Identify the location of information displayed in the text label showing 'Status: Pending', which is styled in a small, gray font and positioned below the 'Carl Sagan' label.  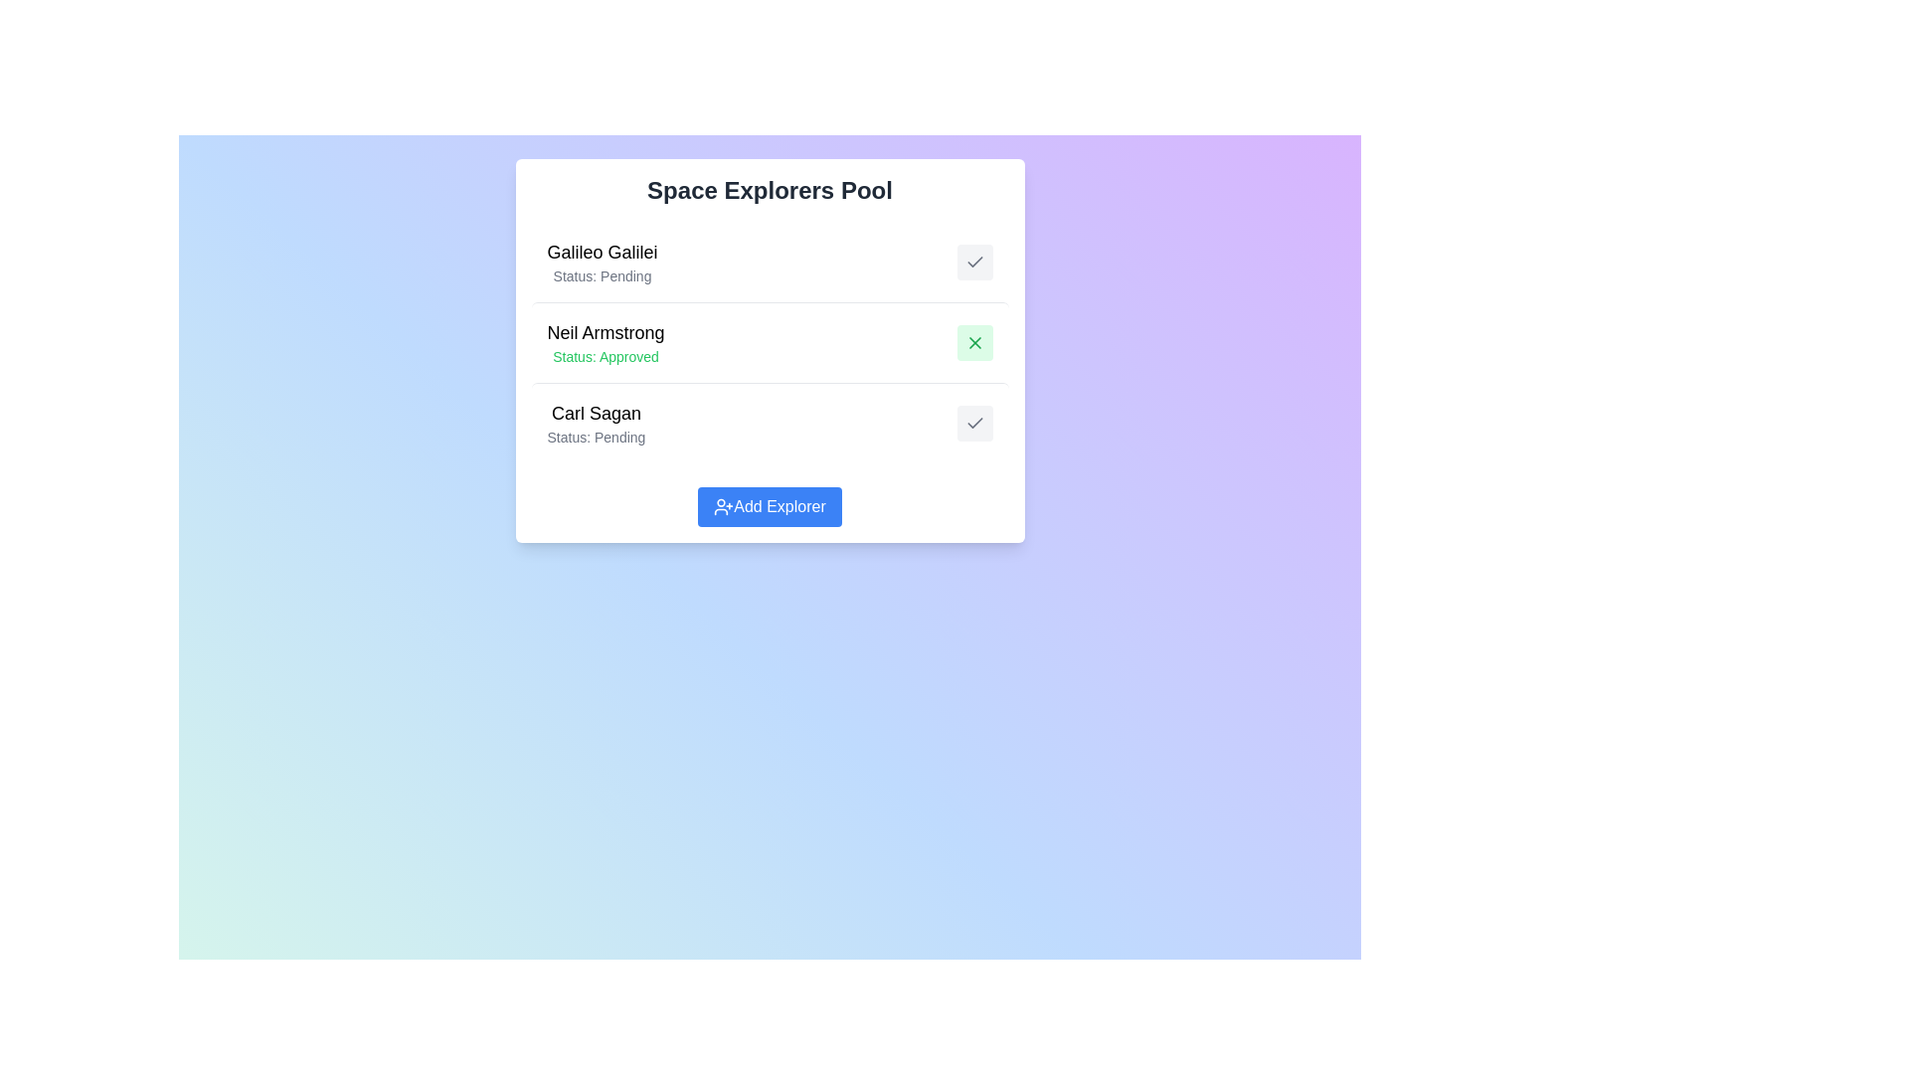
(596, 436).